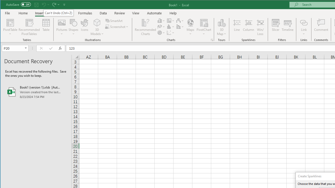  I want to click on 'Insert Statistic Chart', so click(171, 27).